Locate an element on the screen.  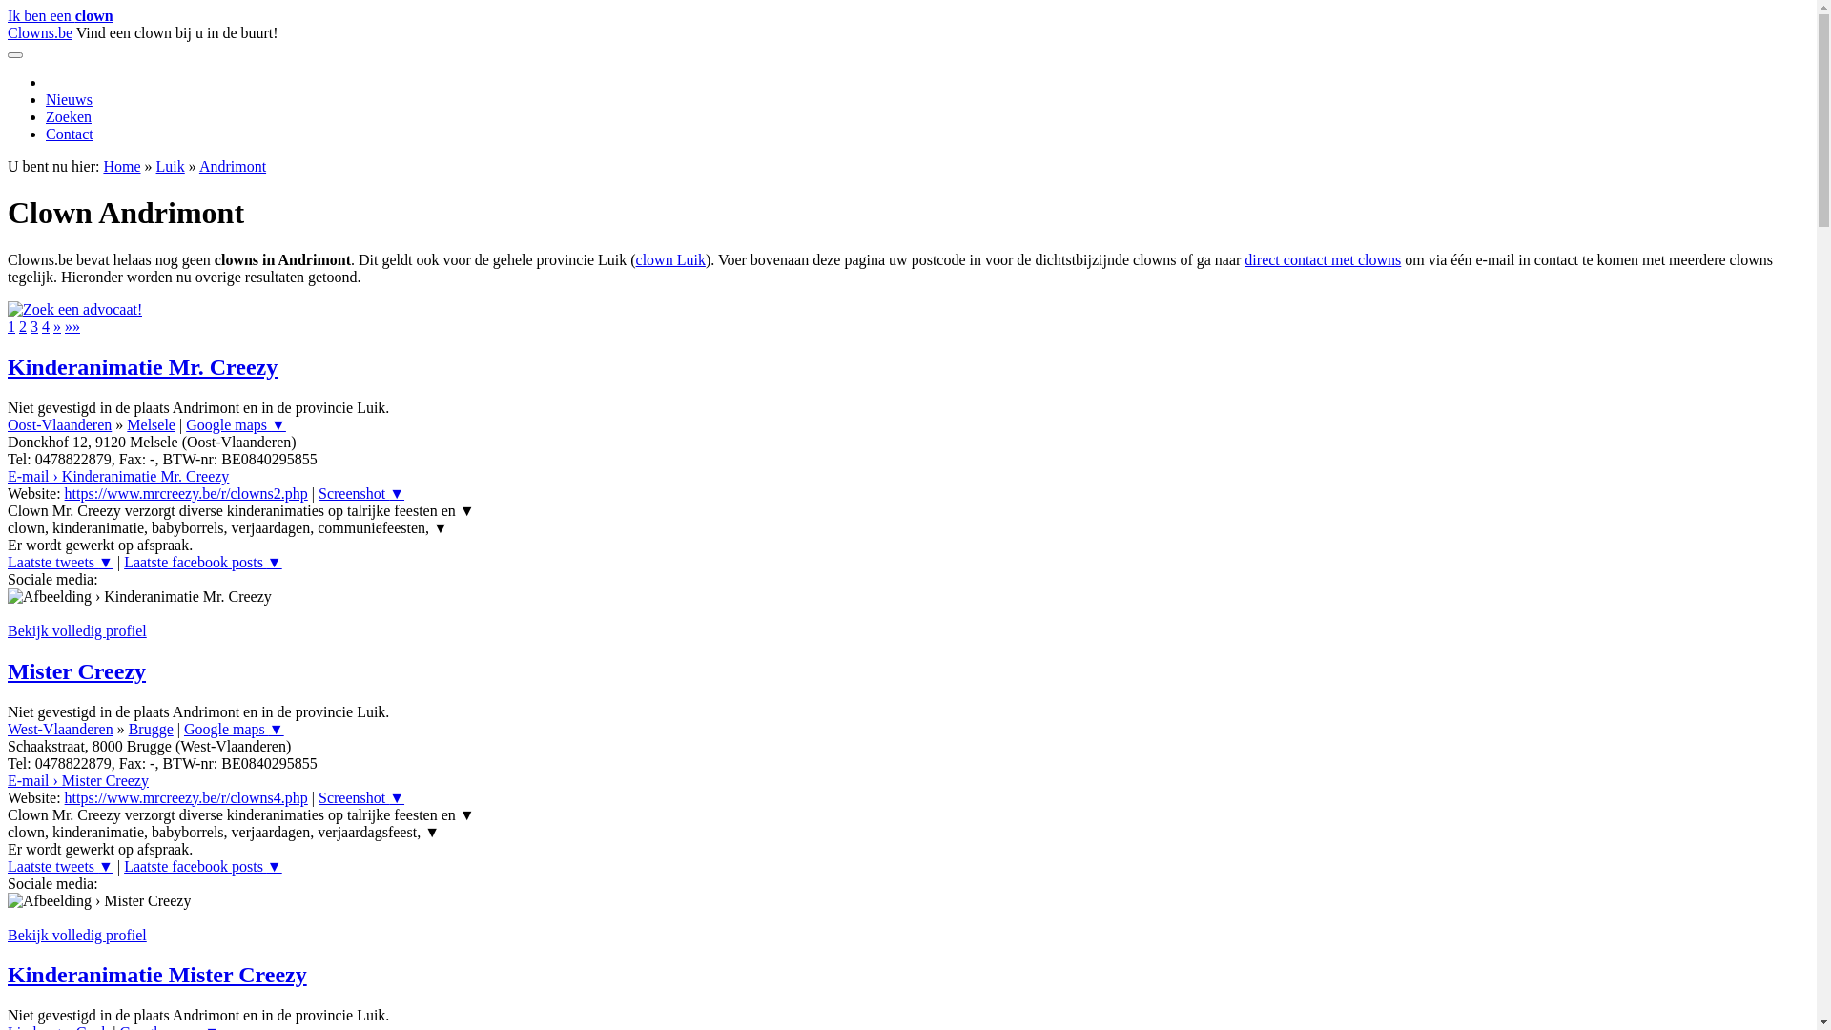
'Brugge' is located at coordinates (150, 729).